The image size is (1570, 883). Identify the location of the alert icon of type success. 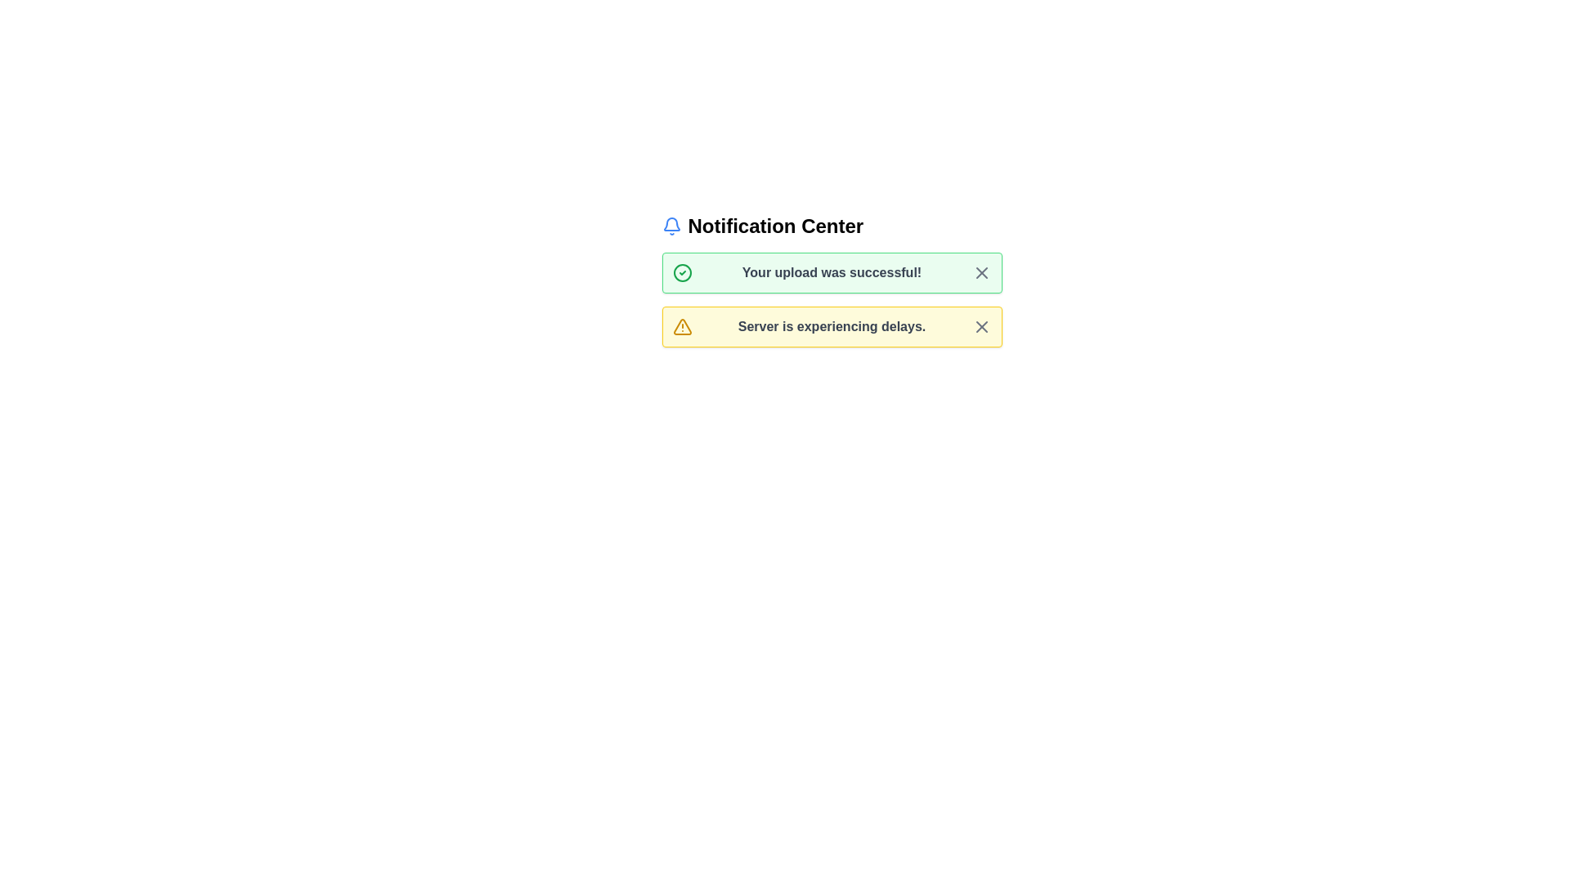
(682, 272).